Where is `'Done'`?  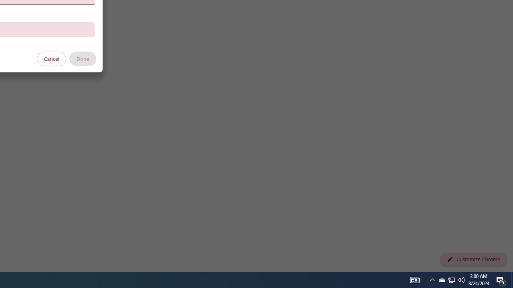 'Done' is located at coordinates (83, 58).